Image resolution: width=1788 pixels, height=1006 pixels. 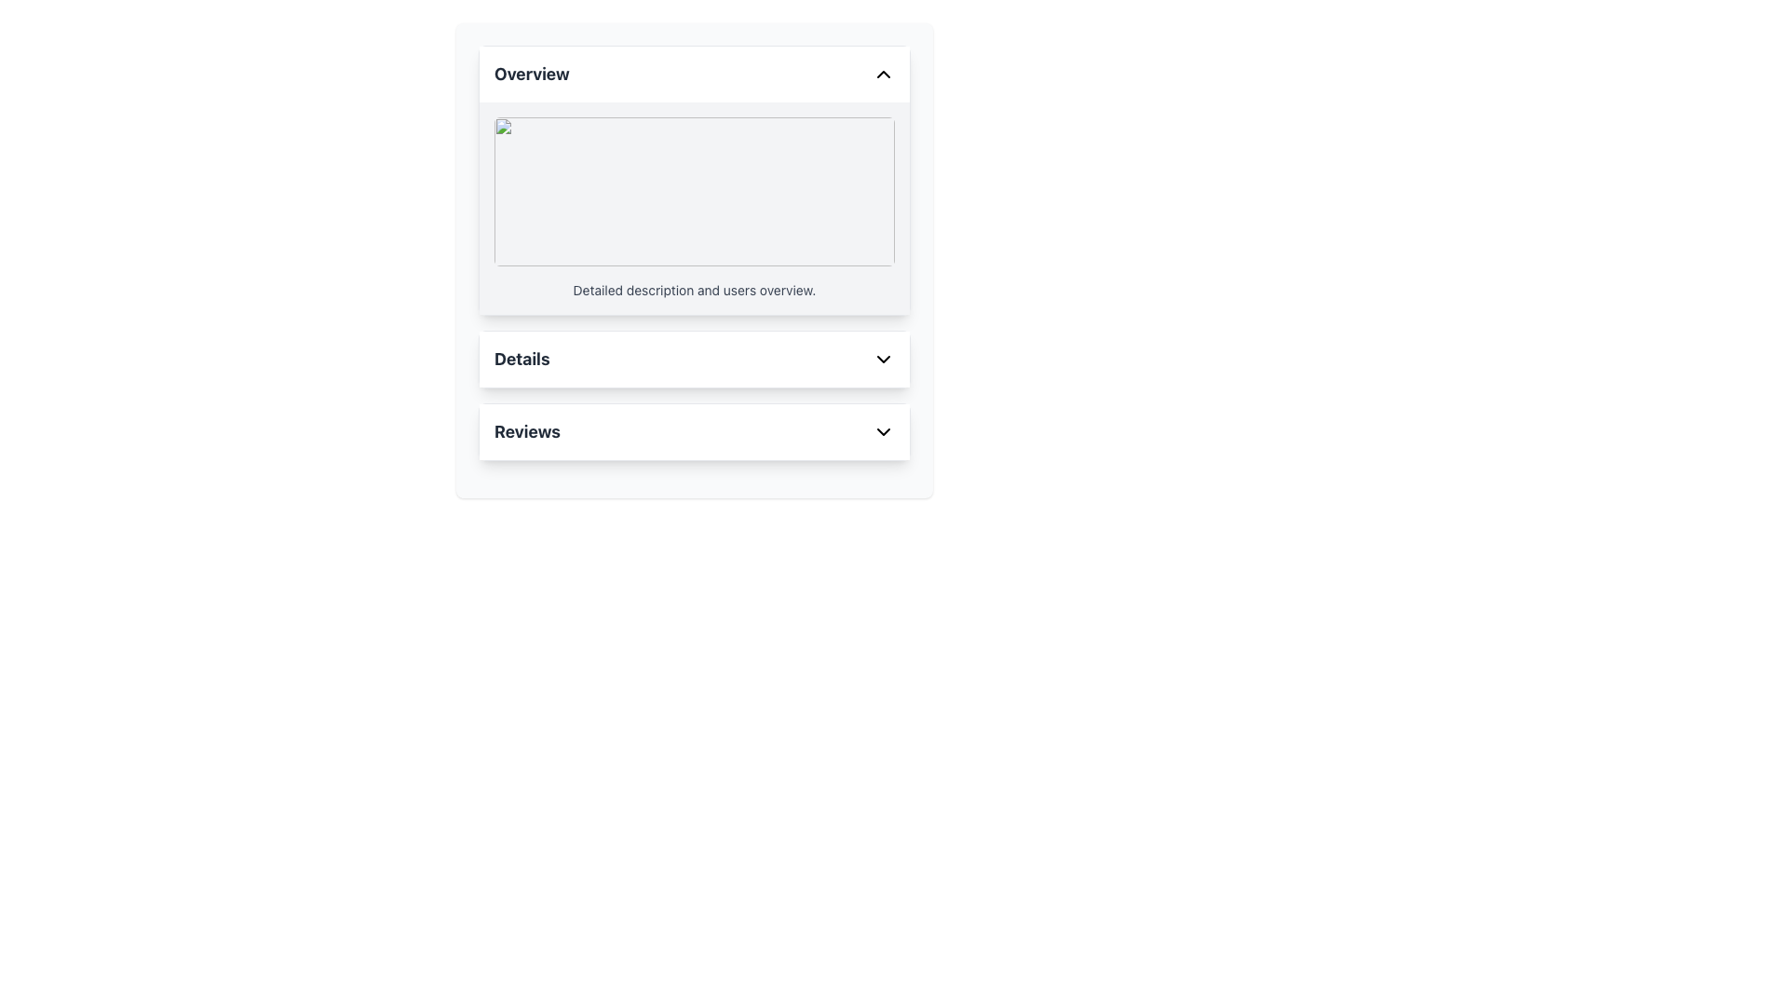 I want to click on the dropdown toggle element located between the 'Overview' and 'Reviews' sections, so click(x=693, y=359).